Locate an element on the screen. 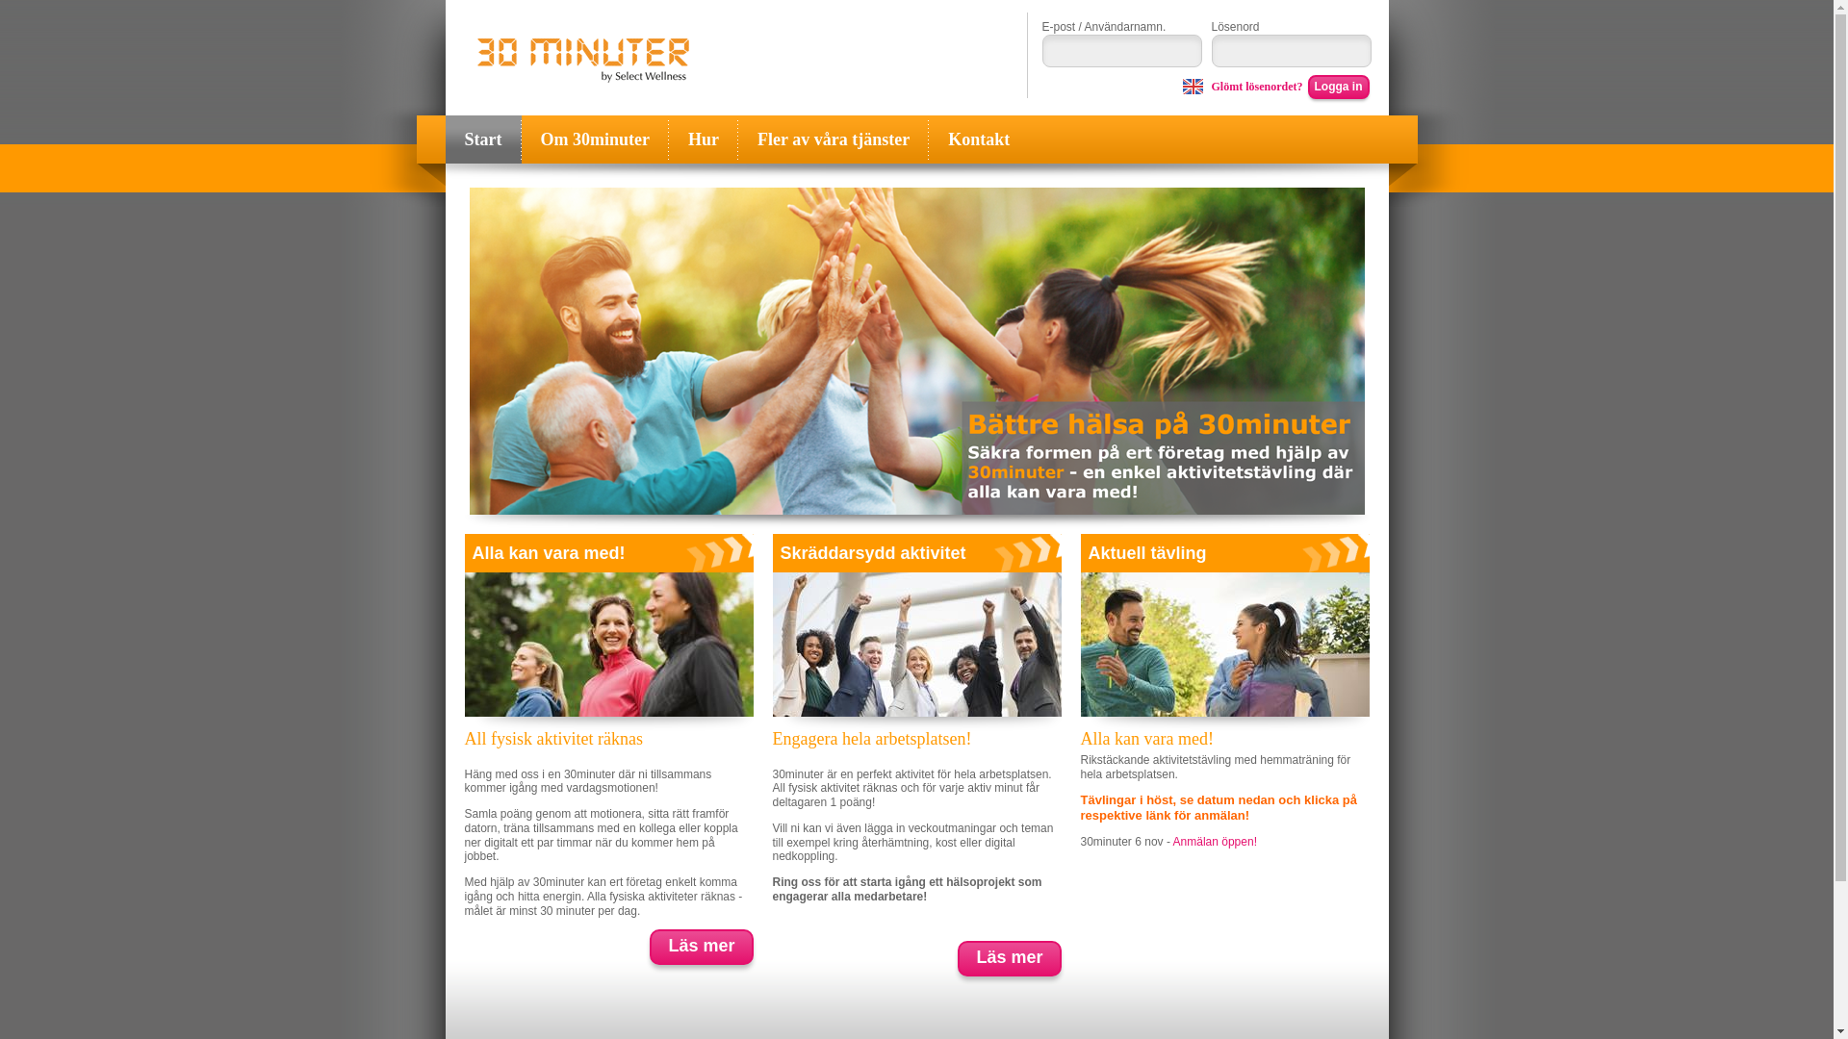  'Kontakt' is located at coordinates (928, 139).